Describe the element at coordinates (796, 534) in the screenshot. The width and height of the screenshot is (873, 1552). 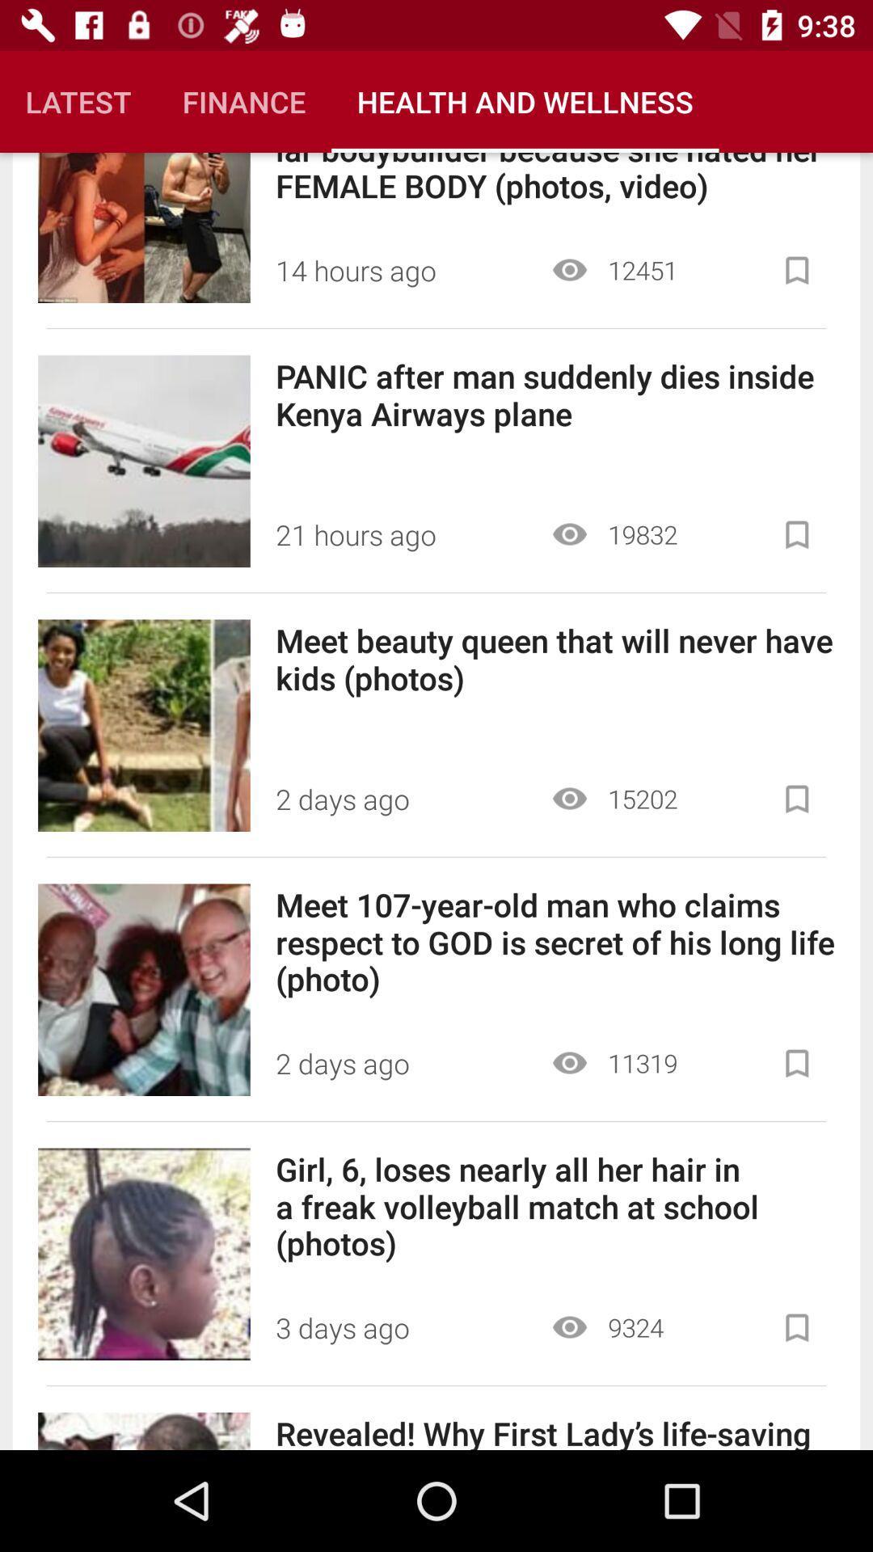
I see `additional options for this news item` at that location.